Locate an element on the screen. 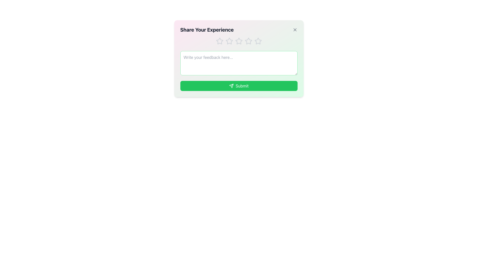  the triangular arrow SVG icon located at the center of the green 'Submit' button is located at coordinates (231, 85).